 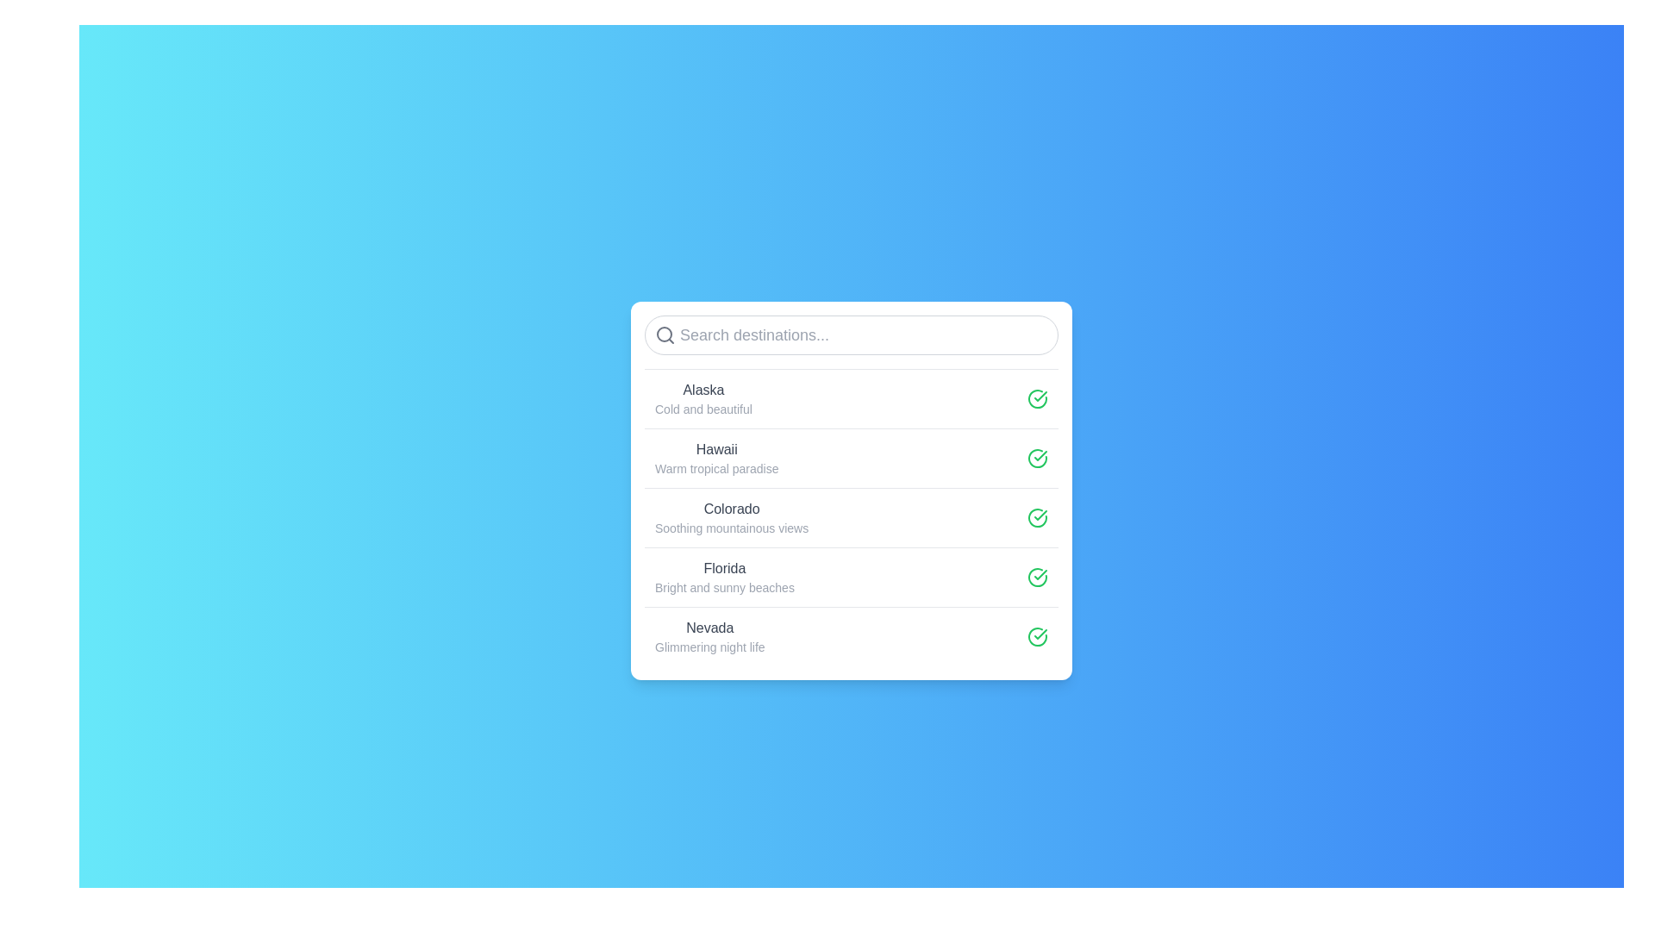 I want to click on the text label 'Florida', so click(x=724, y=568).